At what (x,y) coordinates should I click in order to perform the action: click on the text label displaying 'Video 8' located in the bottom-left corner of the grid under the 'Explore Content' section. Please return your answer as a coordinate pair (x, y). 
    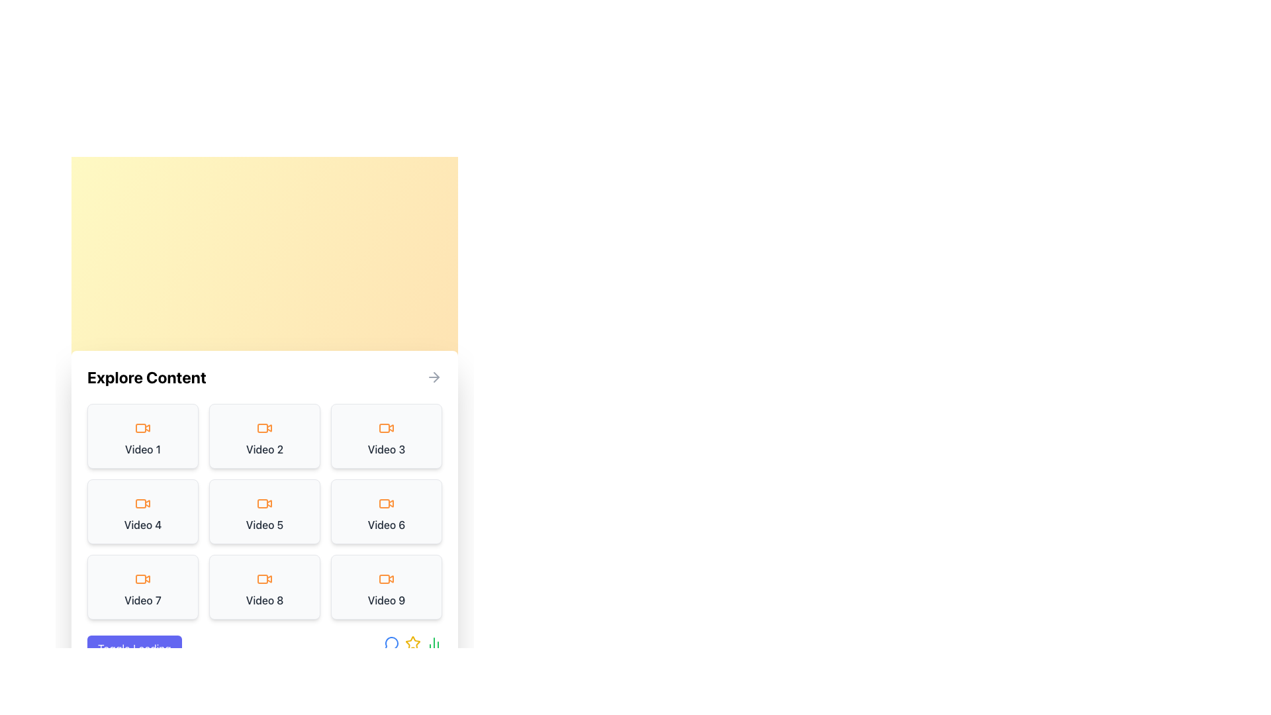
    Looking at the image, I should click on (264, 600).